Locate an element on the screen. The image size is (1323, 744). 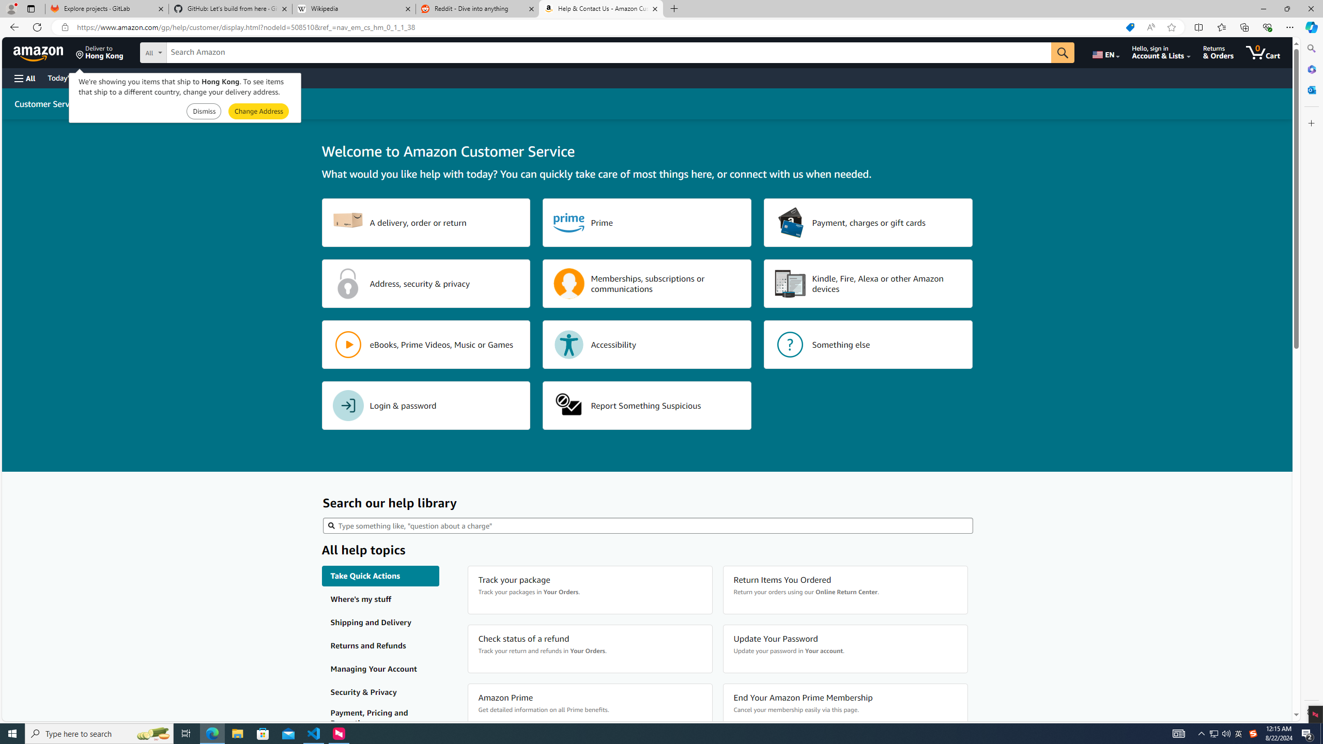
'Choose a language for shopping.' is located at coordinates (1104, 52).